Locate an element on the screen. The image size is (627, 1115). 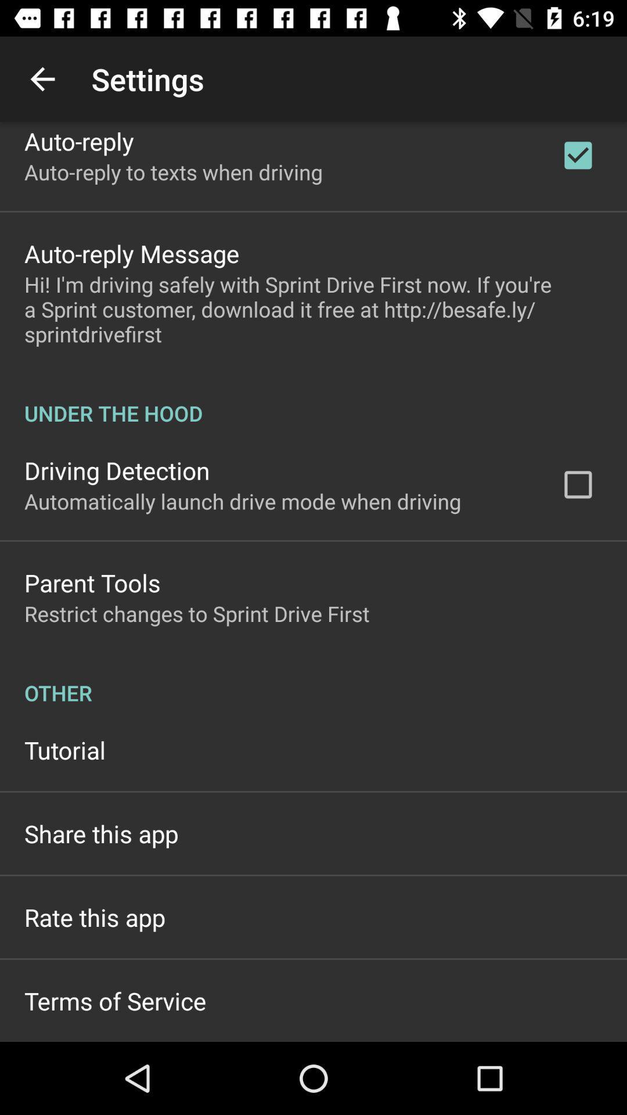
item above the auto-reply app is located at coordinates (42, 78).